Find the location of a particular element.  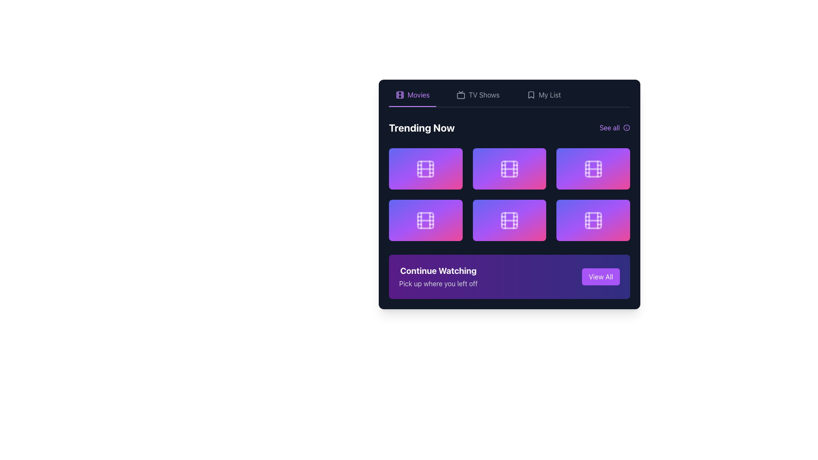

the SVG rectangle element representing part of the film reel icon in the 'Trending Now' section, located in the second row, first column is located at coordinates (426, 220).